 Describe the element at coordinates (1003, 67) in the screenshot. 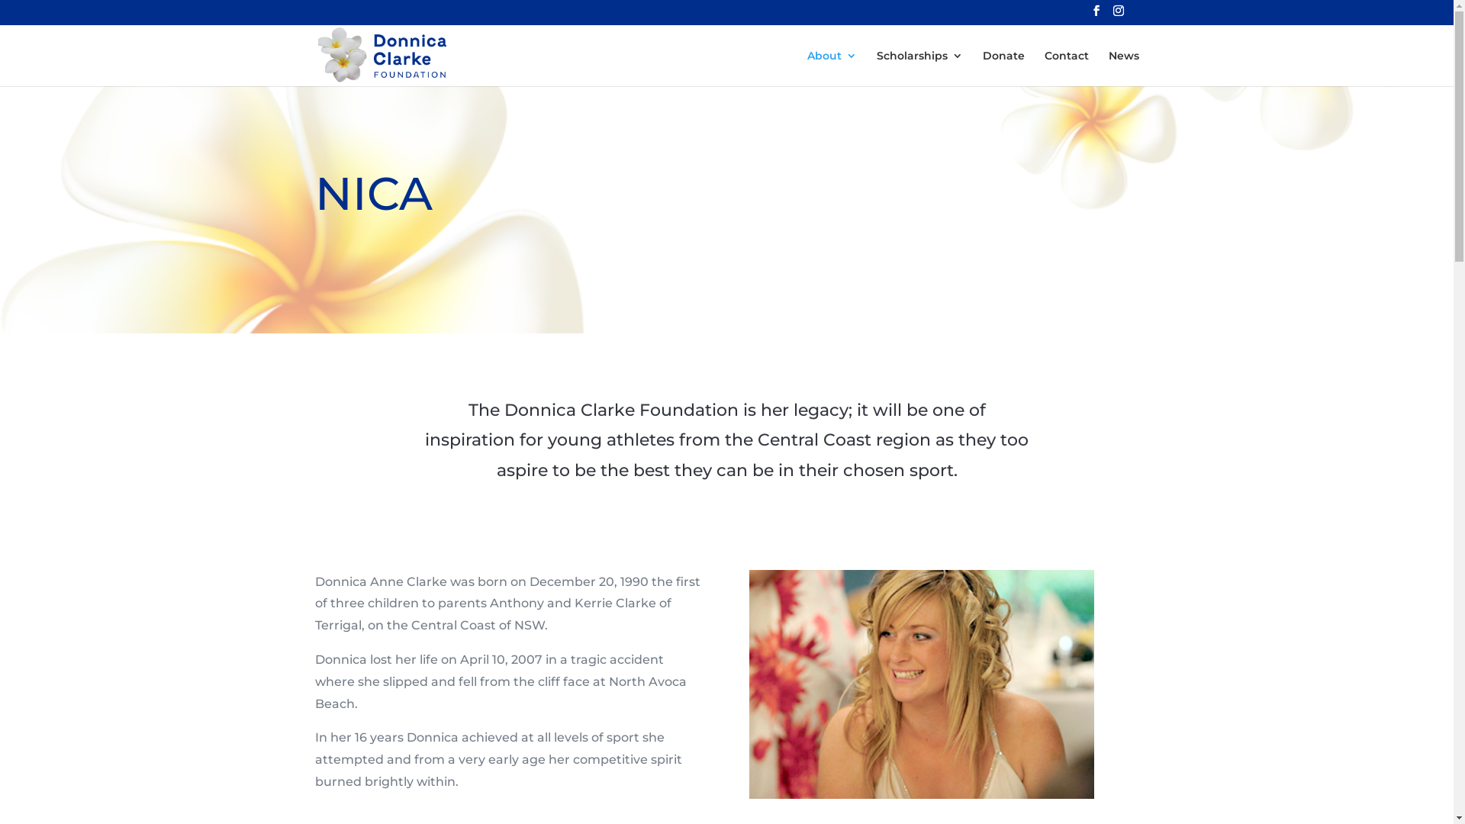

I see `'Donate'` at that location.